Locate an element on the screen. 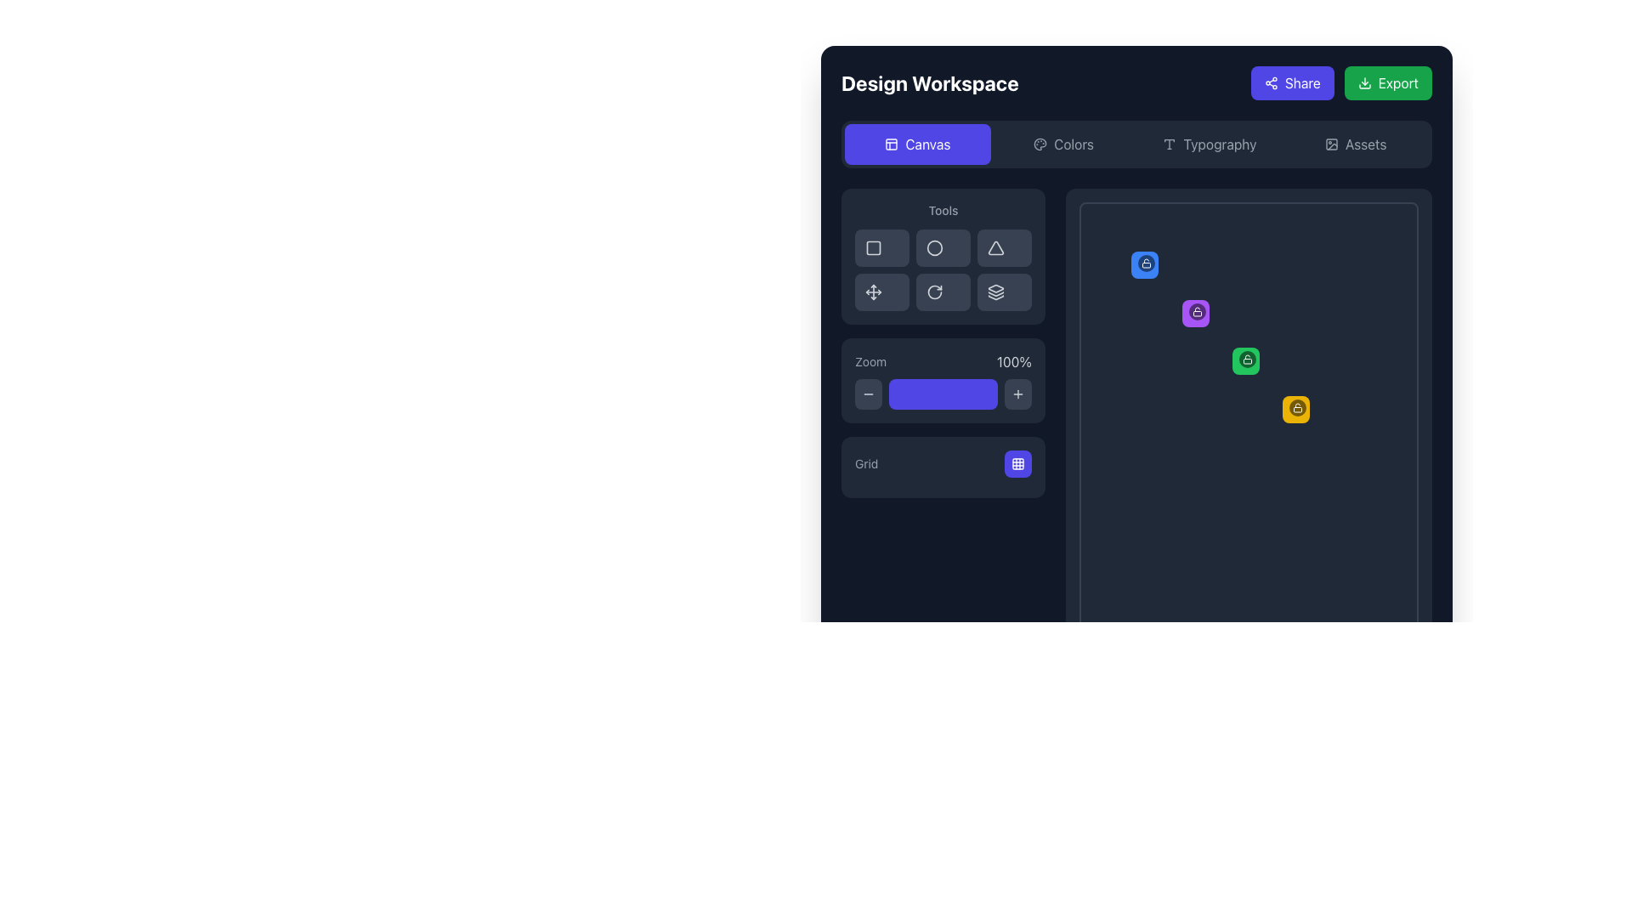 This screenshot has height=918, width=1632. the 'Assets' button, which is the fourth item in the navigation bar, to change its appearance from gray to light gray is located at coordinates (1355, 143).